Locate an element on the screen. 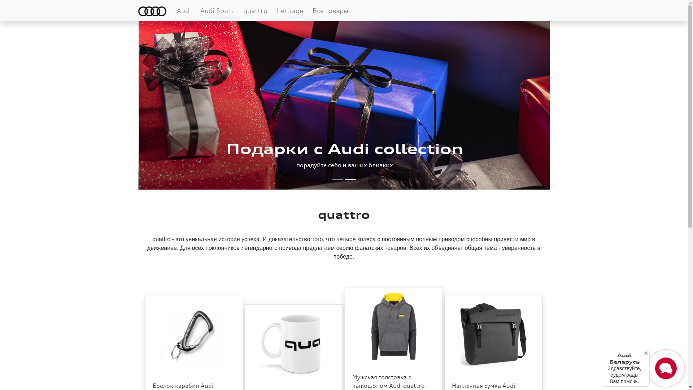 Image resolution: width=693 pixels, height=390 pixels. 'Audi' is located at coordinates (174, 10).